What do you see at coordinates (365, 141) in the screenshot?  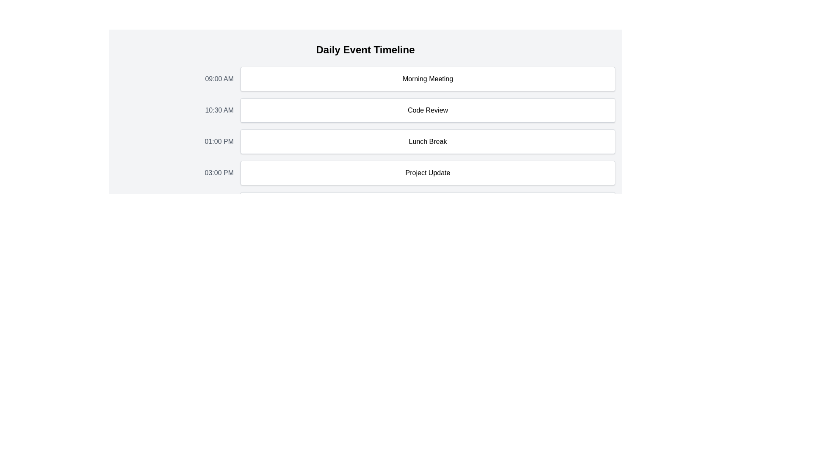 I see `the schedule entry for '01:00 PM Lunch Break', which is the third entry in the list of events, positioned between '10:30 AM Code Review' and '03:00 PM Project Update'` at bounding box center [365, 141].